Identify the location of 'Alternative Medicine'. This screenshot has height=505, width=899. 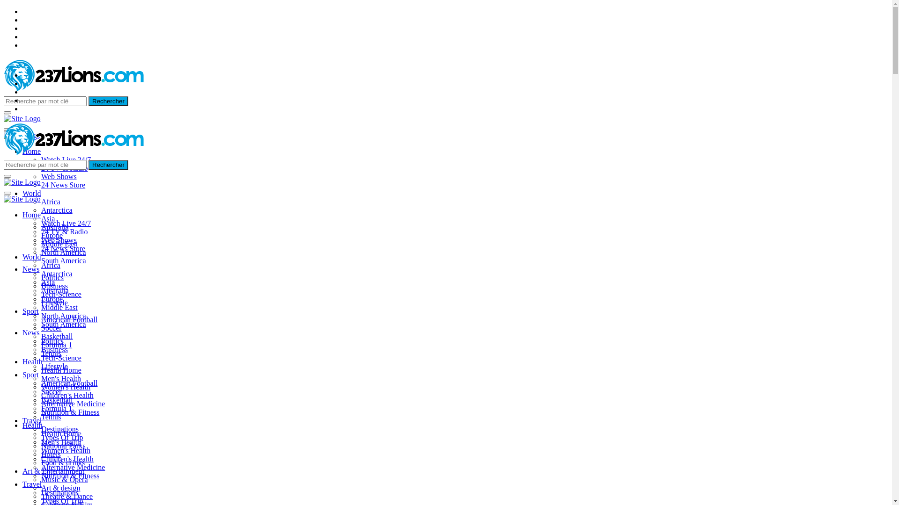
(40, 467).